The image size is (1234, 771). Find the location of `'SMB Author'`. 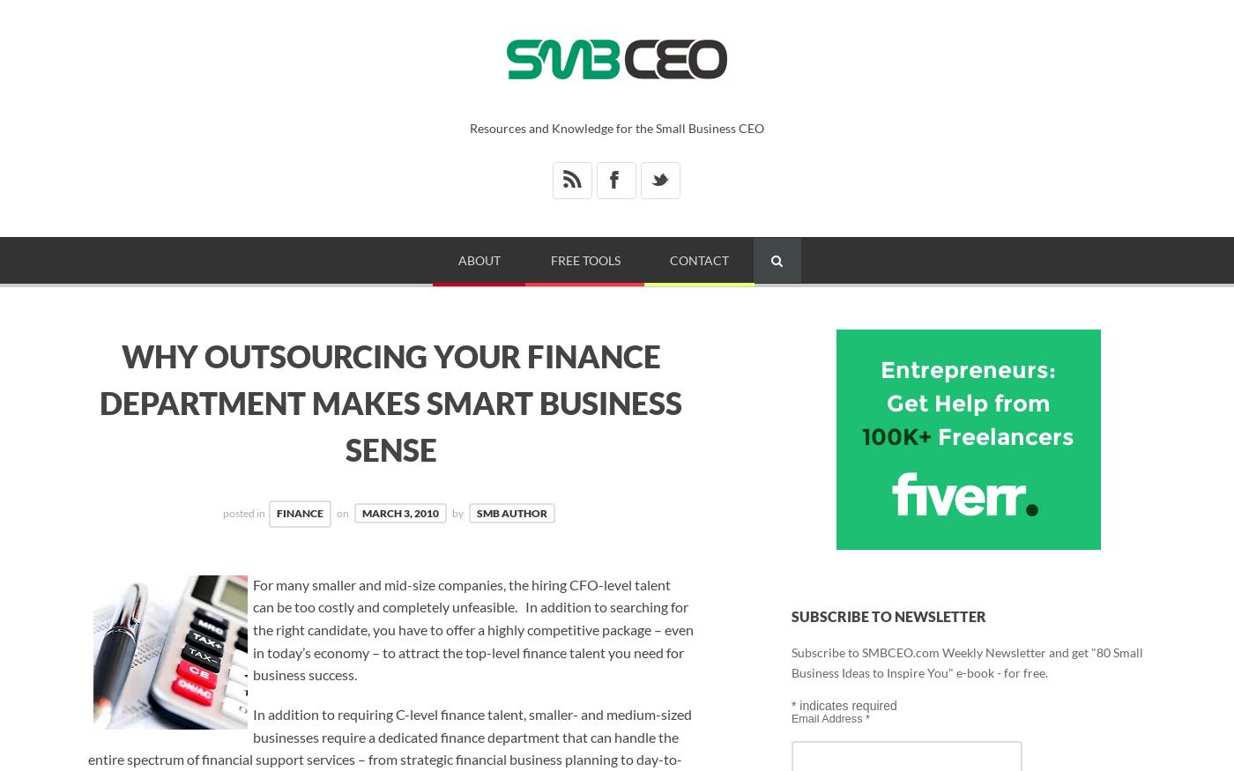

'SMB Author' is located at coordinates (512, 512).